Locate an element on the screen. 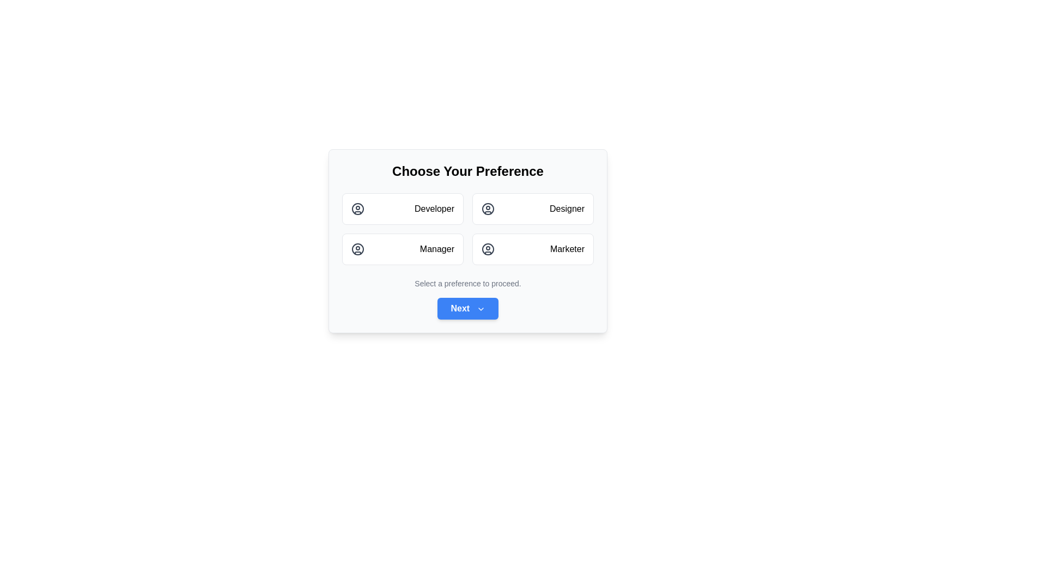 This screenshot has width=1046, height=588. the Text Label in the second row and second column of the grid layout, which identifies a corresponding option in a selection process for preferences is located at coordinates (567, 249).